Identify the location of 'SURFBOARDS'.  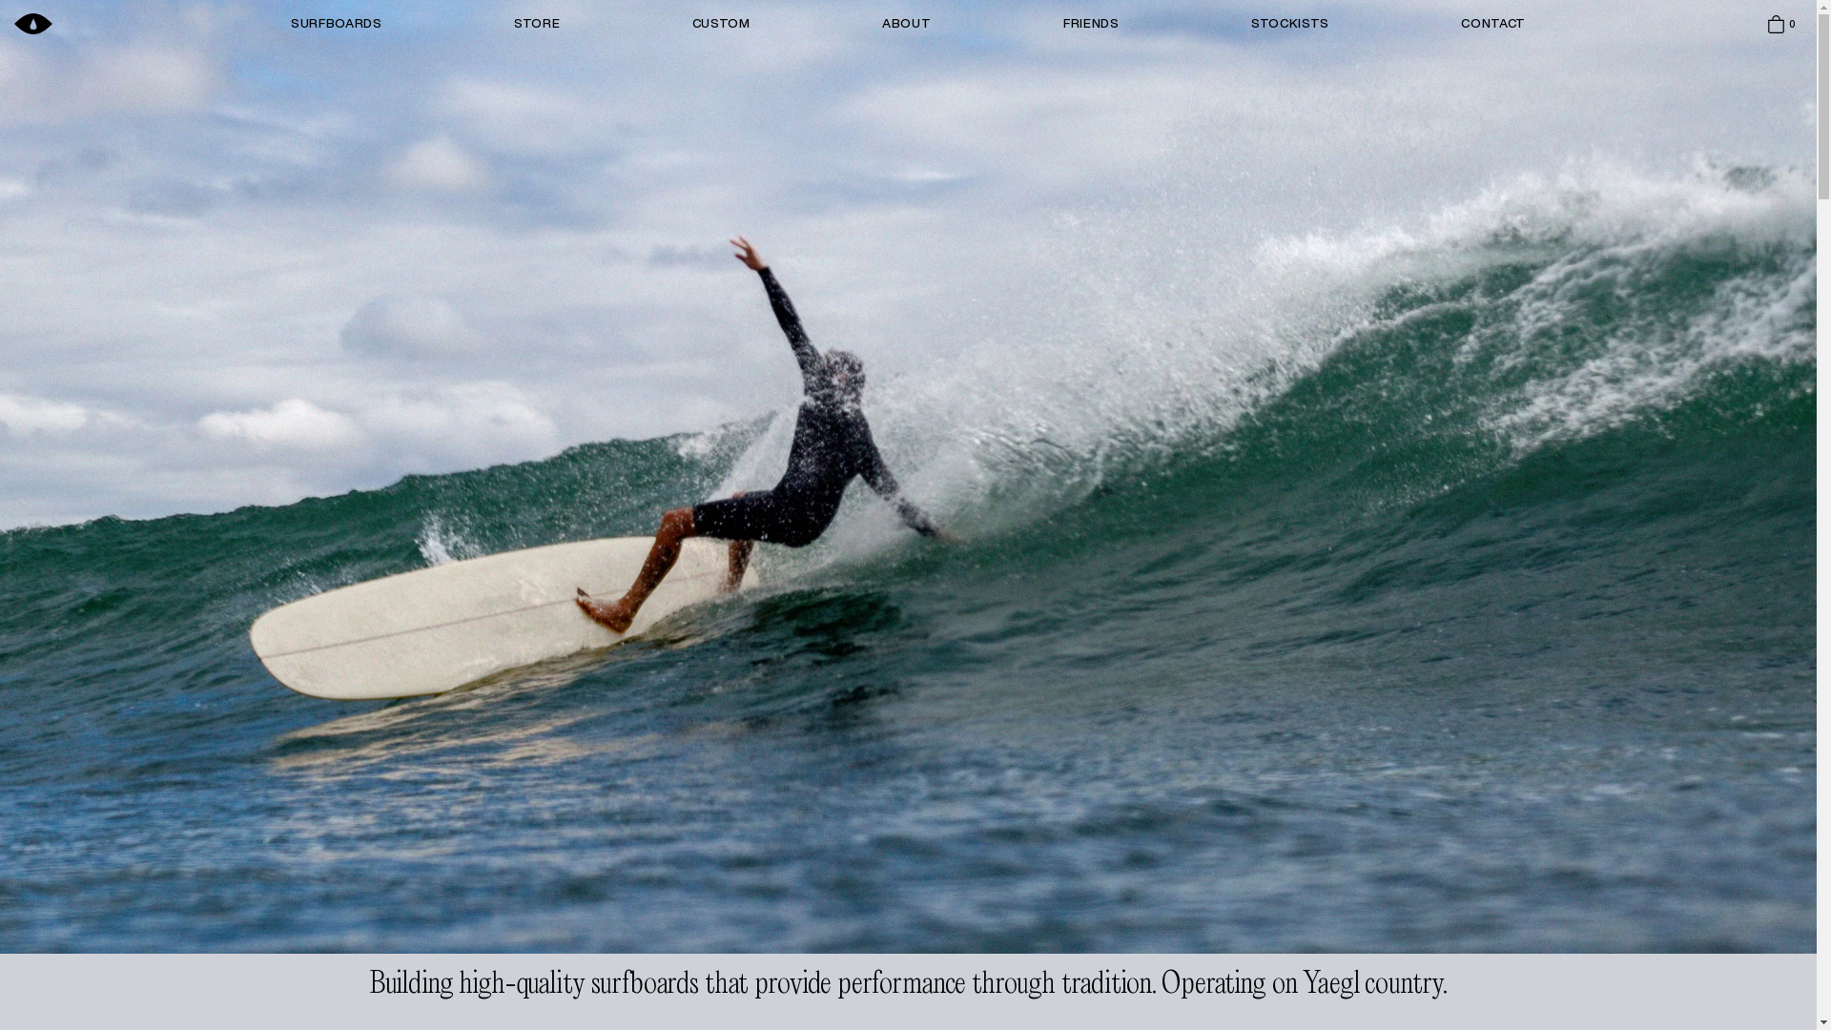
(337, 23).